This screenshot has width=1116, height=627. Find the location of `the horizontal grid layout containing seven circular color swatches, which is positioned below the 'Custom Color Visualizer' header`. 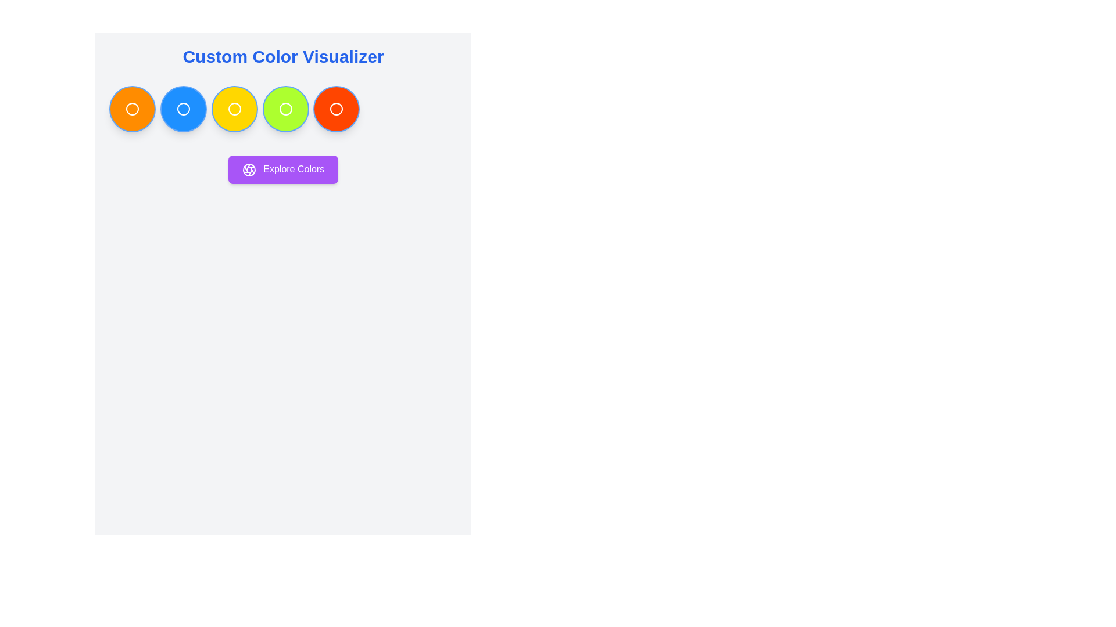

the horizontal grid layout containing seven circular color swatches, which is positioned below the 'Custom Color Visualizer' header is located at coordinates (283, 109).